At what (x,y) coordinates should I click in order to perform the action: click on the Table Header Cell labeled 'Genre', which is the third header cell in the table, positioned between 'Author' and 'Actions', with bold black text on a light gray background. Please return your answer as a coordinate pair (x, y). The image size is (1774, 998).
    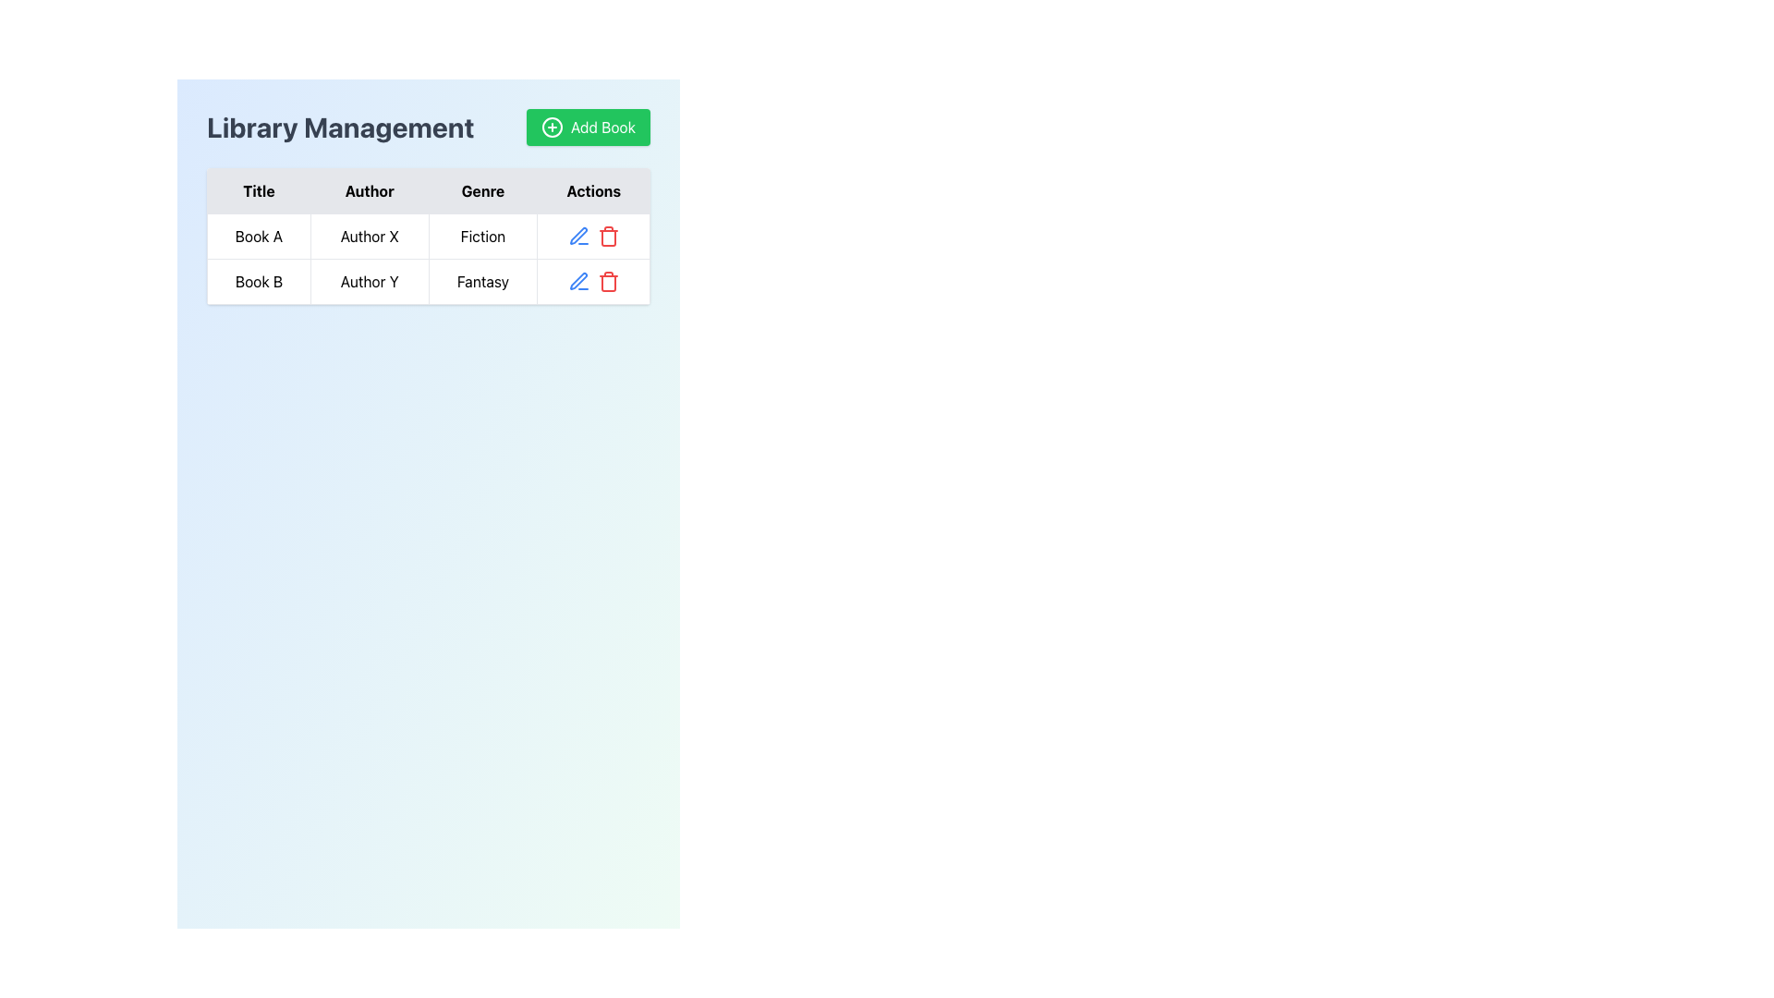
    Looking at the image, I should click on (483, 191).